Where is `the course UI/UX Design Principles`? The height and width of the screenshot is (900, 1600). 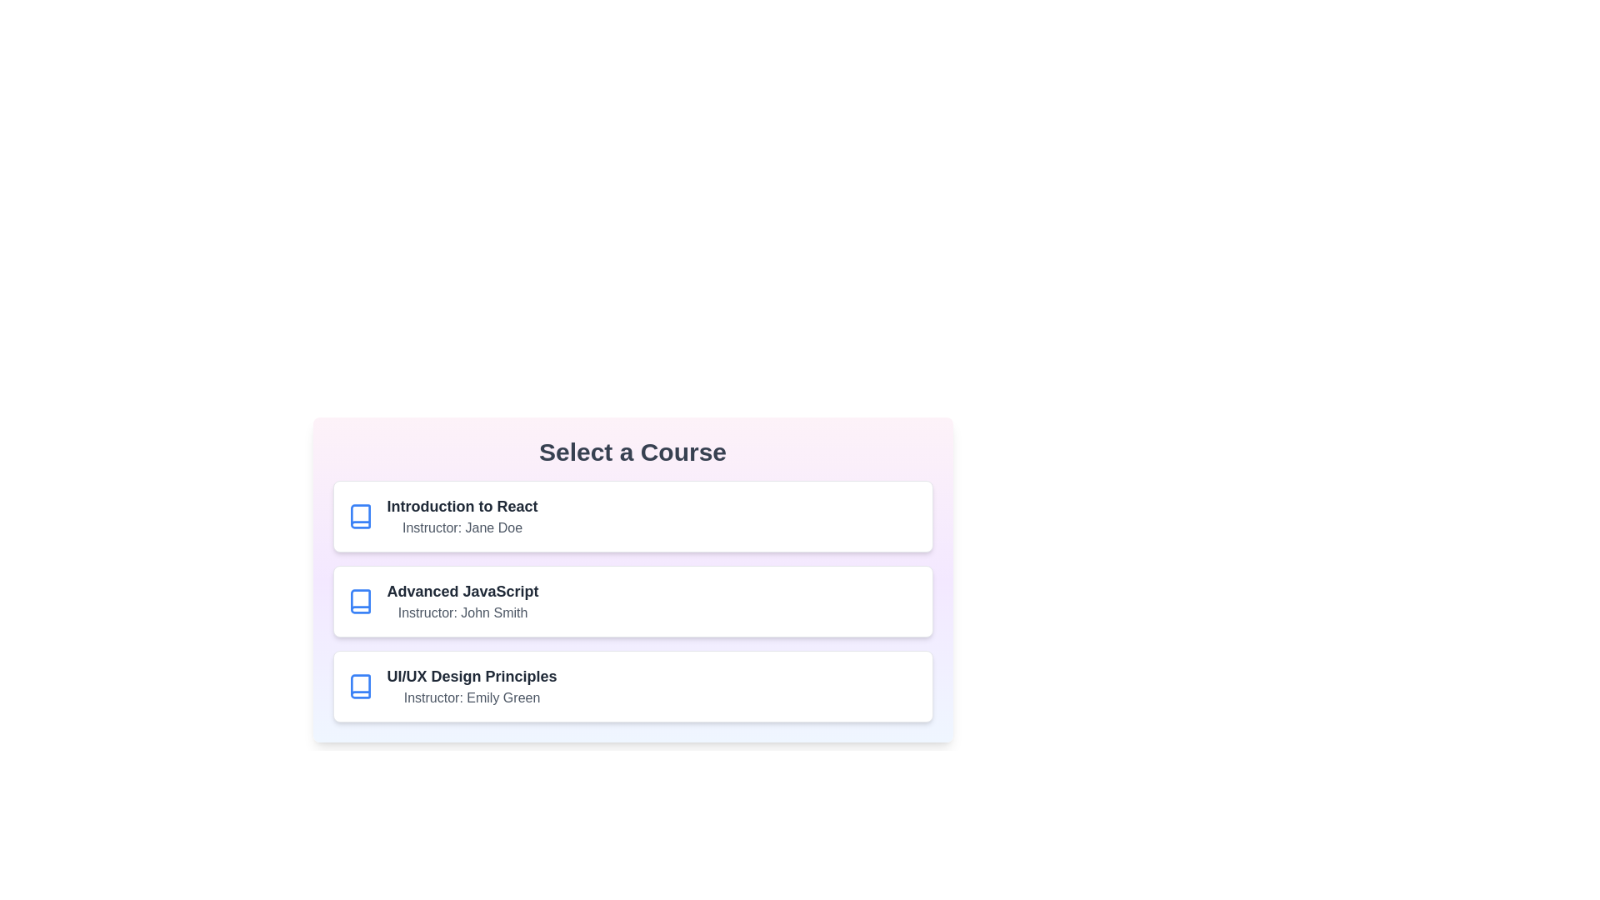 the course UI/UX Design Principles is located at coordinates (632, 687).